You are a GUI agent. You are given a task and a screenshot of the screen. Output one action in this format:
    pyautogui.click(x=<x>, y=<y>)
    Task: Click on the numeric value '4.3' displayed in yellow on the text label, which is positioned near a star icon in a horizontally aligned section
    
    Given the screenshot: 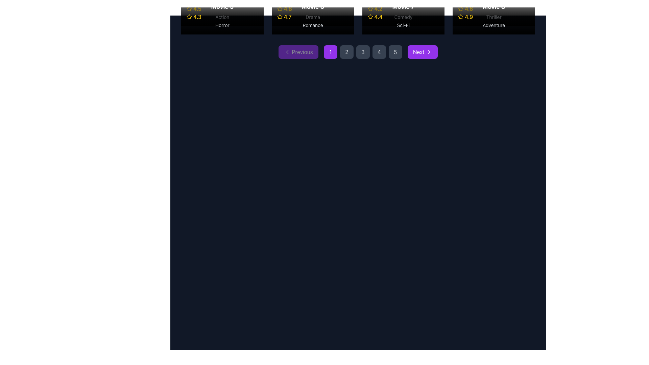 What is the action you would take?
    pyautogui.click(x=197, y=17)
    